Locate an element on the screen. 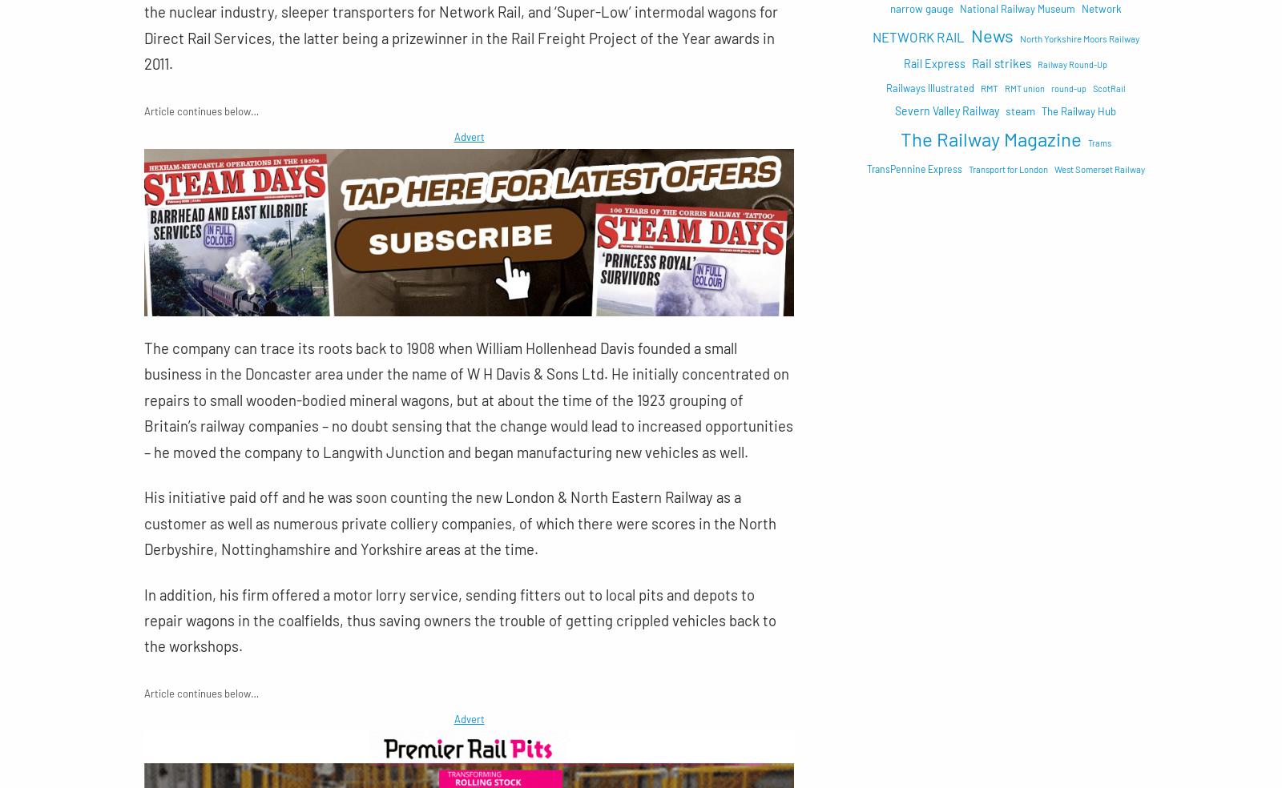 The image size is (1282, 788). 'round-up' is located at coordinates (1066, 86).